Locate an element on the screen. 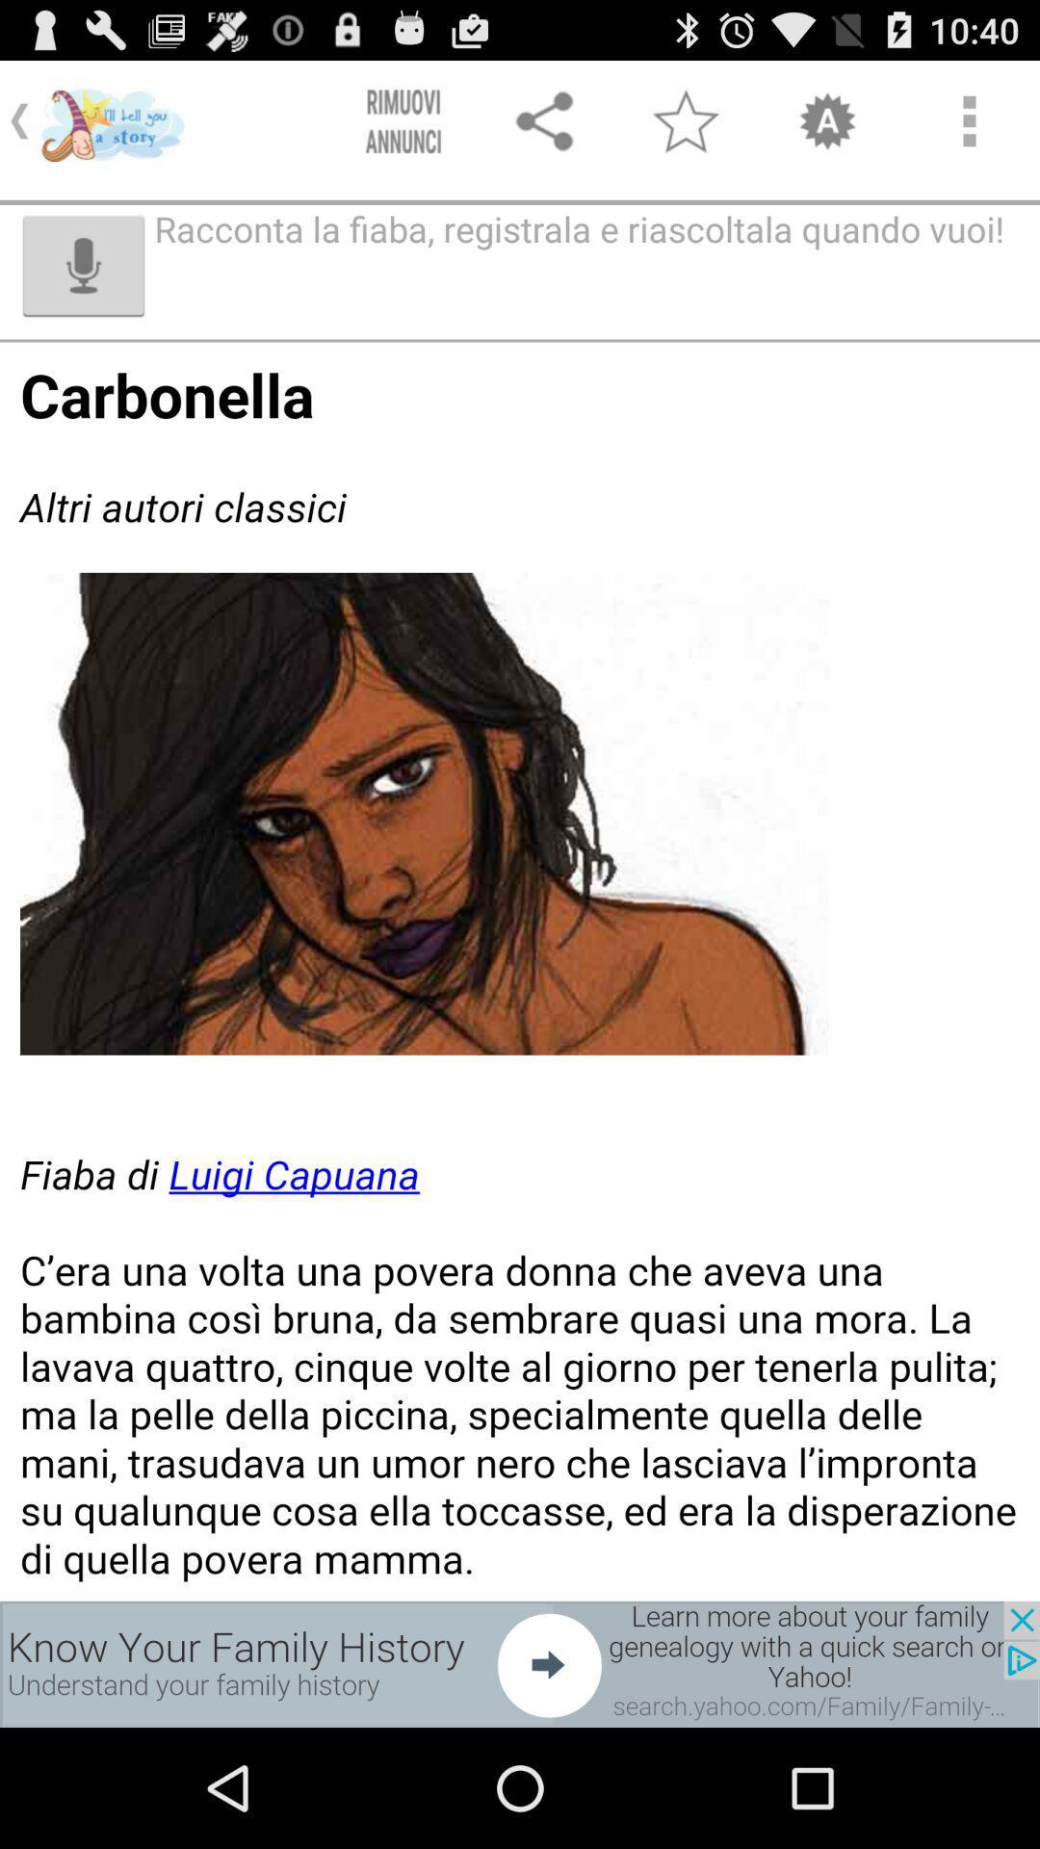 The height and width of the screenshot is (1849, 1040). new advertisement go option is located at coordinates (520, 1663).